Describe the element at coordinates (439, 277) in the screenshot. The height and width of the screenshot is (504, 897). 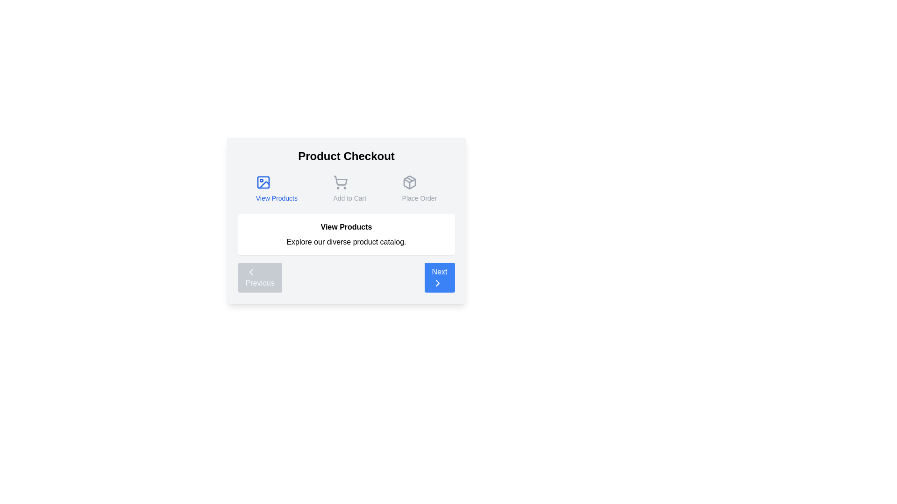
I see `the 'Next' button to navigate to the next step` at that location.